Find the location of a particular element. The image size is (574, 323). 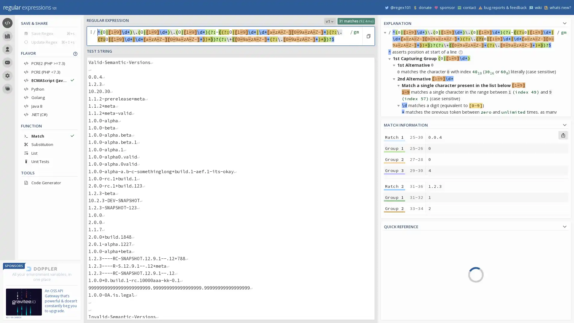

Character Classes is located at coordinates (412, 308).